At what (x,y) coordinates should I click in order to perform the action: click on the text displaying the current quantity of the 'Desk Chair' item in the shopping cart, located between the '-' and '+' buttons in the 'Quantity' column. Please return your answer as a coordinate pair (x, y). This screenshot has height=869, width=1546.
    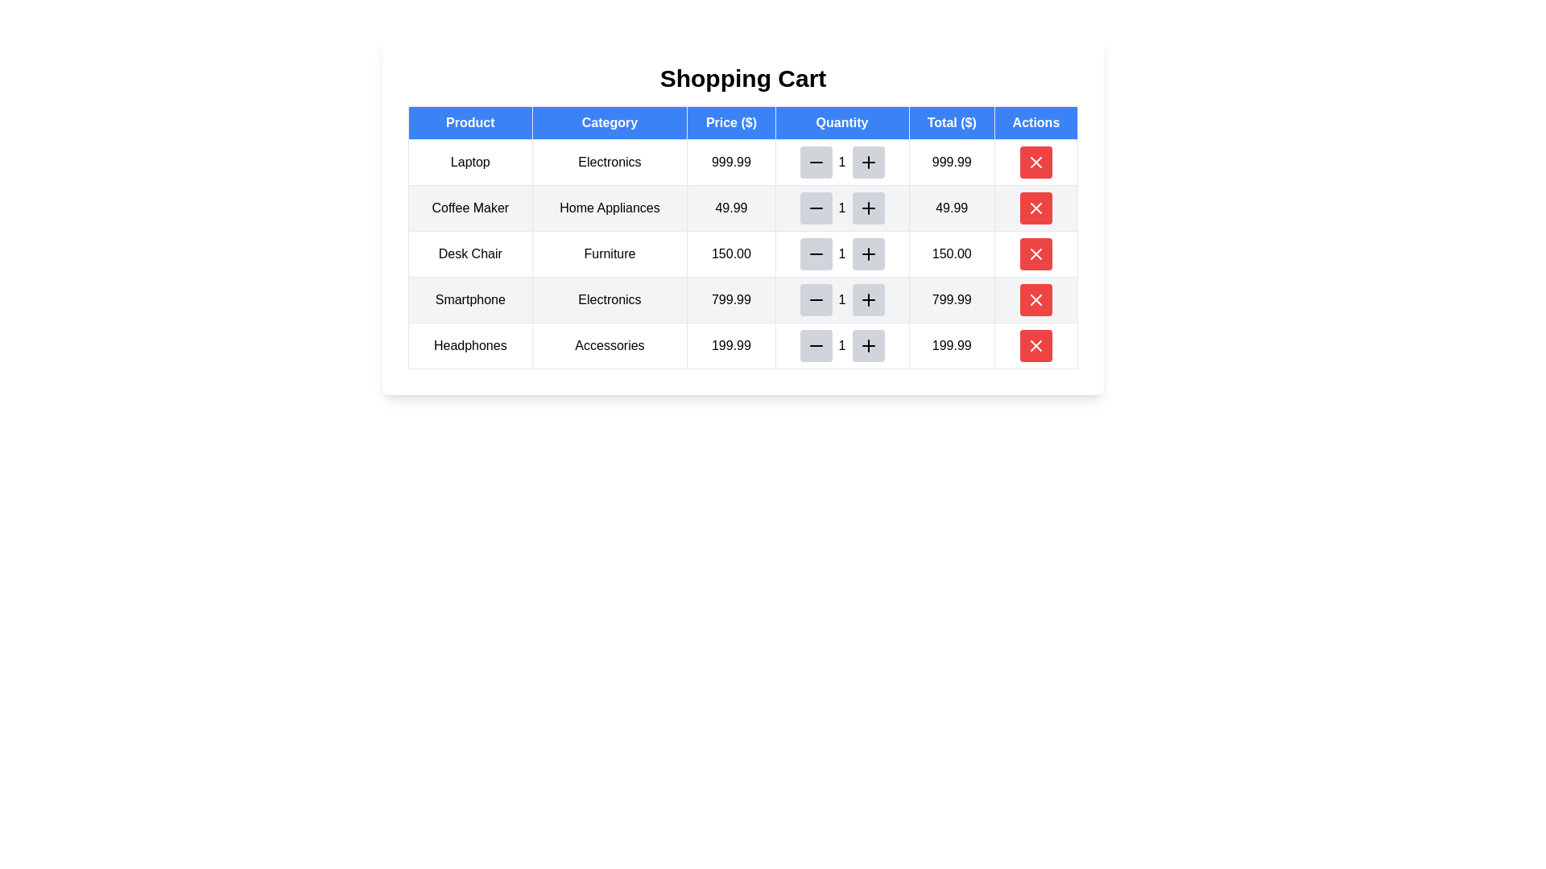
    Looking at the image, I should click on (841, 253).